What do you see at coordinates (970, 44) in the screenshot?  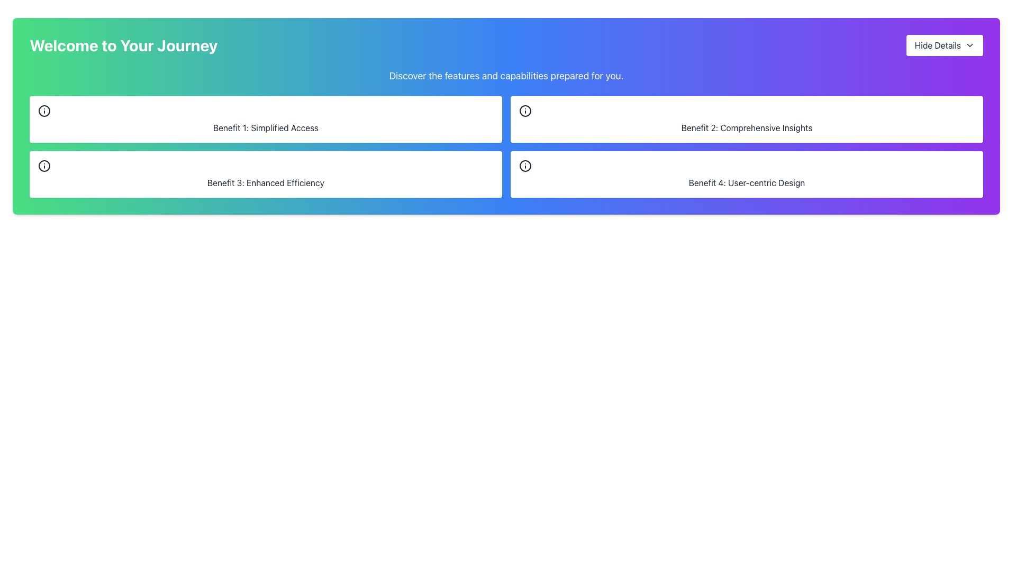 I see `the downward chevron icon located to the right of the 'Hide Details' button` at bounding box center [970, 44].